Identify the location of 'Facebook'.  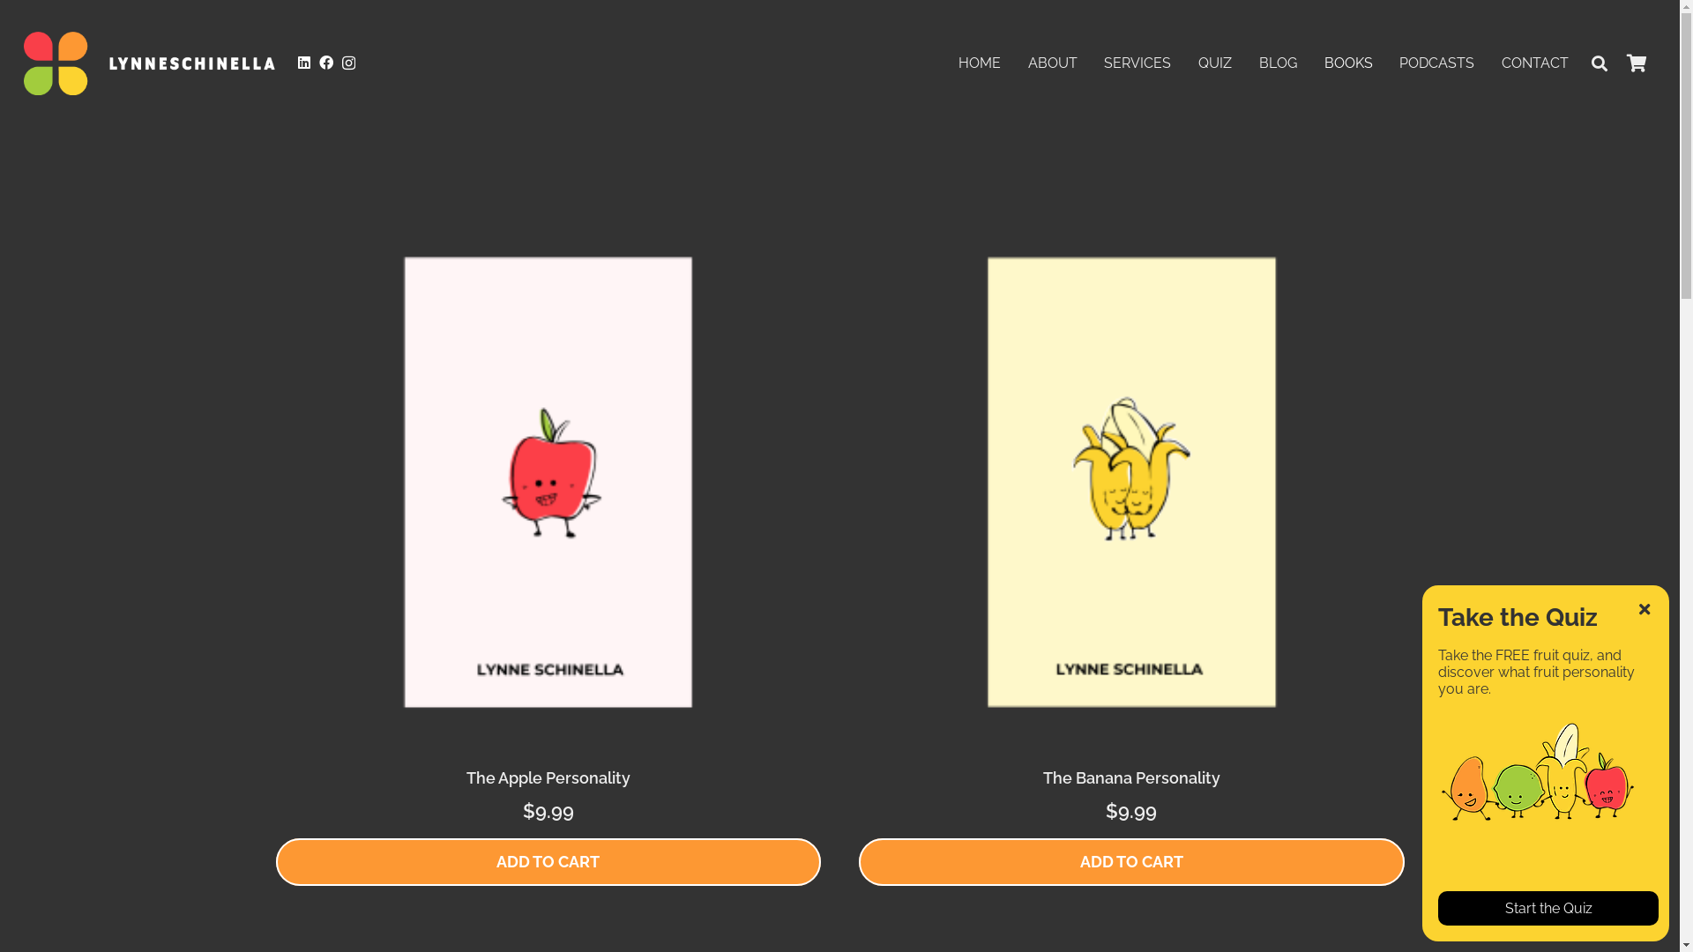
(325, 61).